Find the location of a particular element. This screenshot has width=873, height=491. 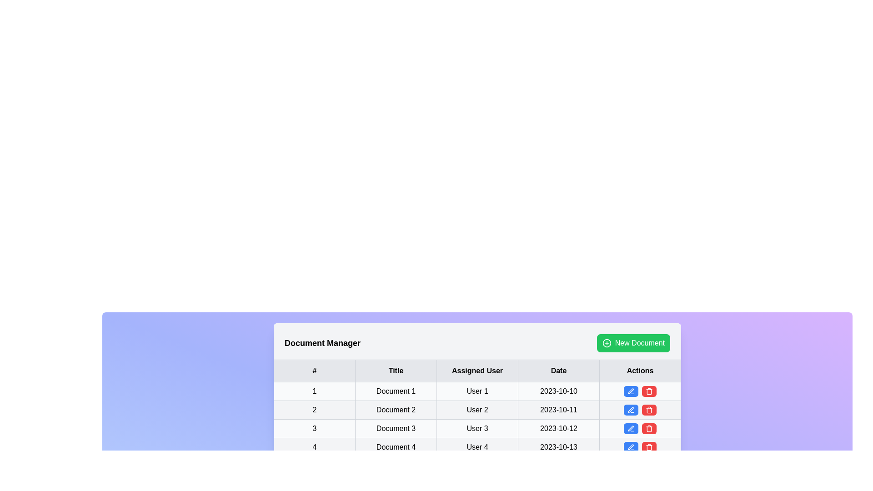

the first button in the 'Actions' column for 'Document 3' to initiate the editing action is located at coordinates (630, 428).